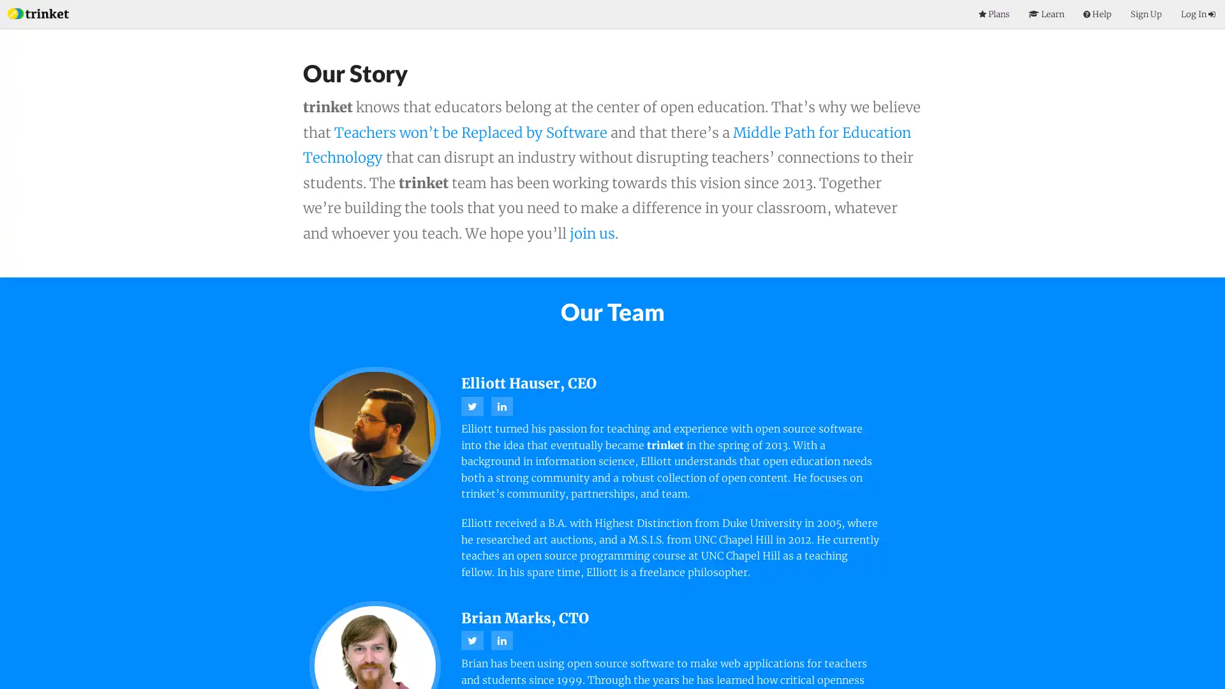 The width and height of the screenshot is (1225, 689). What do you see at coordinates (38, 12) in the screenshot?
I see `Index Page` at bounding box center [38, 12].